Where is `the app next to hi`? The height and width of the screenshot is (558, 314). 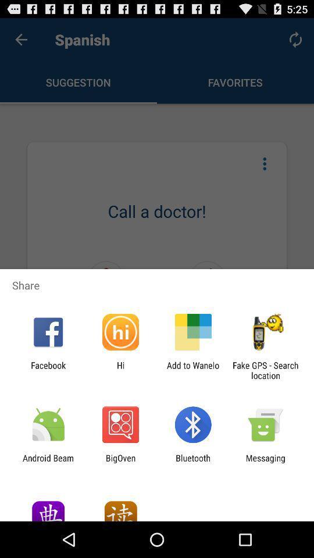 the app next to hi is located at coordinates (193, 370).